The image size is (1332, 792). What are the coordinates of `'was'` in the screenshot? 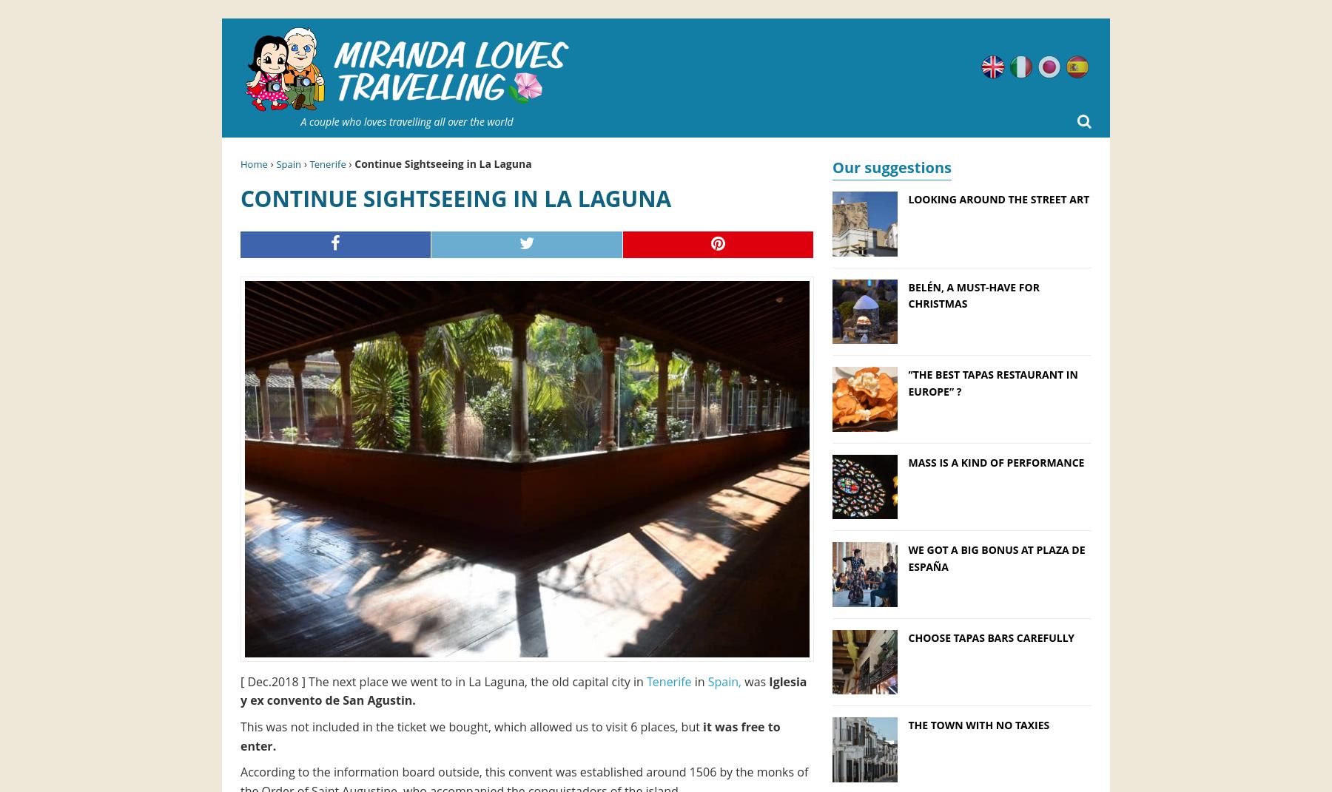 It's located at (755, 680).